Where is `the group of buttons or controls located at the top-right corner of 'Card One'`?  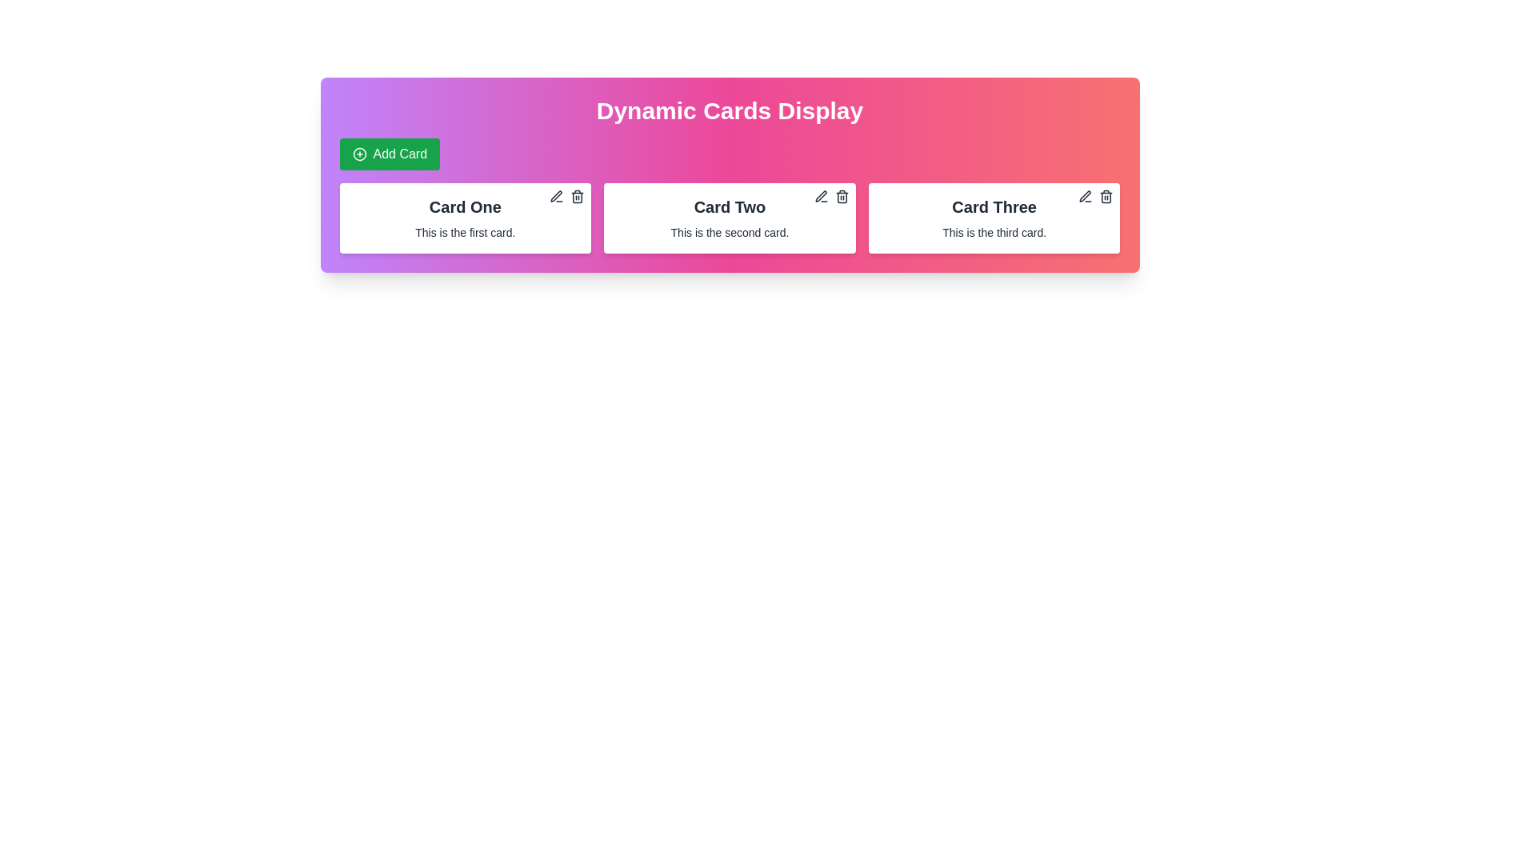
the group of buttons or controls located at the top-right corner of 'Card One' is located at coordinates (567, 196).